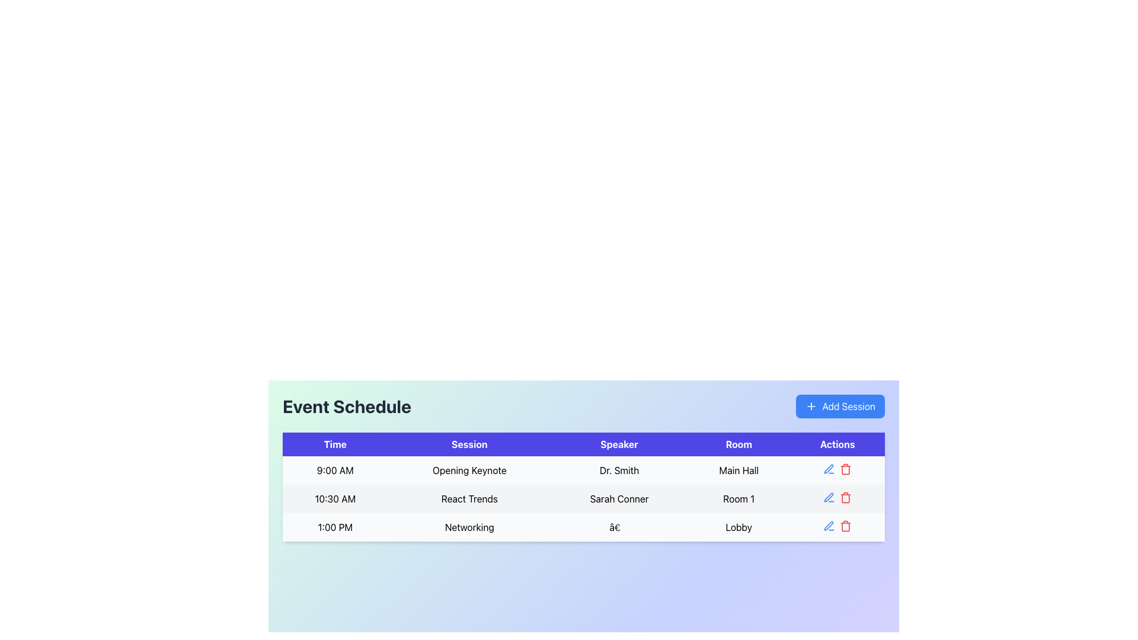 Image resolution: width=1138 pixels, height=640 pixels. What do you see at coordinates (811, 406) in the screenshot?
I see `the icon within the blue 'Add Session' button located at the top-right corner of the event schedule section` at bounding box center [811, 406].